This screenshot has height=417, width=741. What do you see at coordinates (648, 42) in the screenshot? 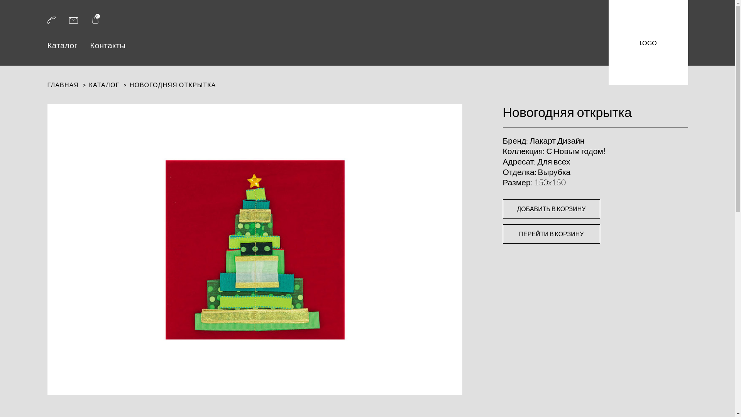
I see `'LOGO'` at bounding box center [648, 42].